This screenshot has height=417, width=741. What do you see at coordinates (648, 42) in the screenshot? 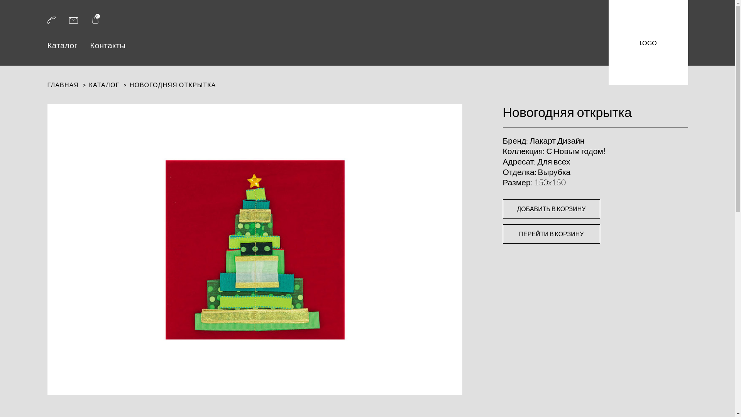
I see `'LOGO'` at bounding box center [648, 42].